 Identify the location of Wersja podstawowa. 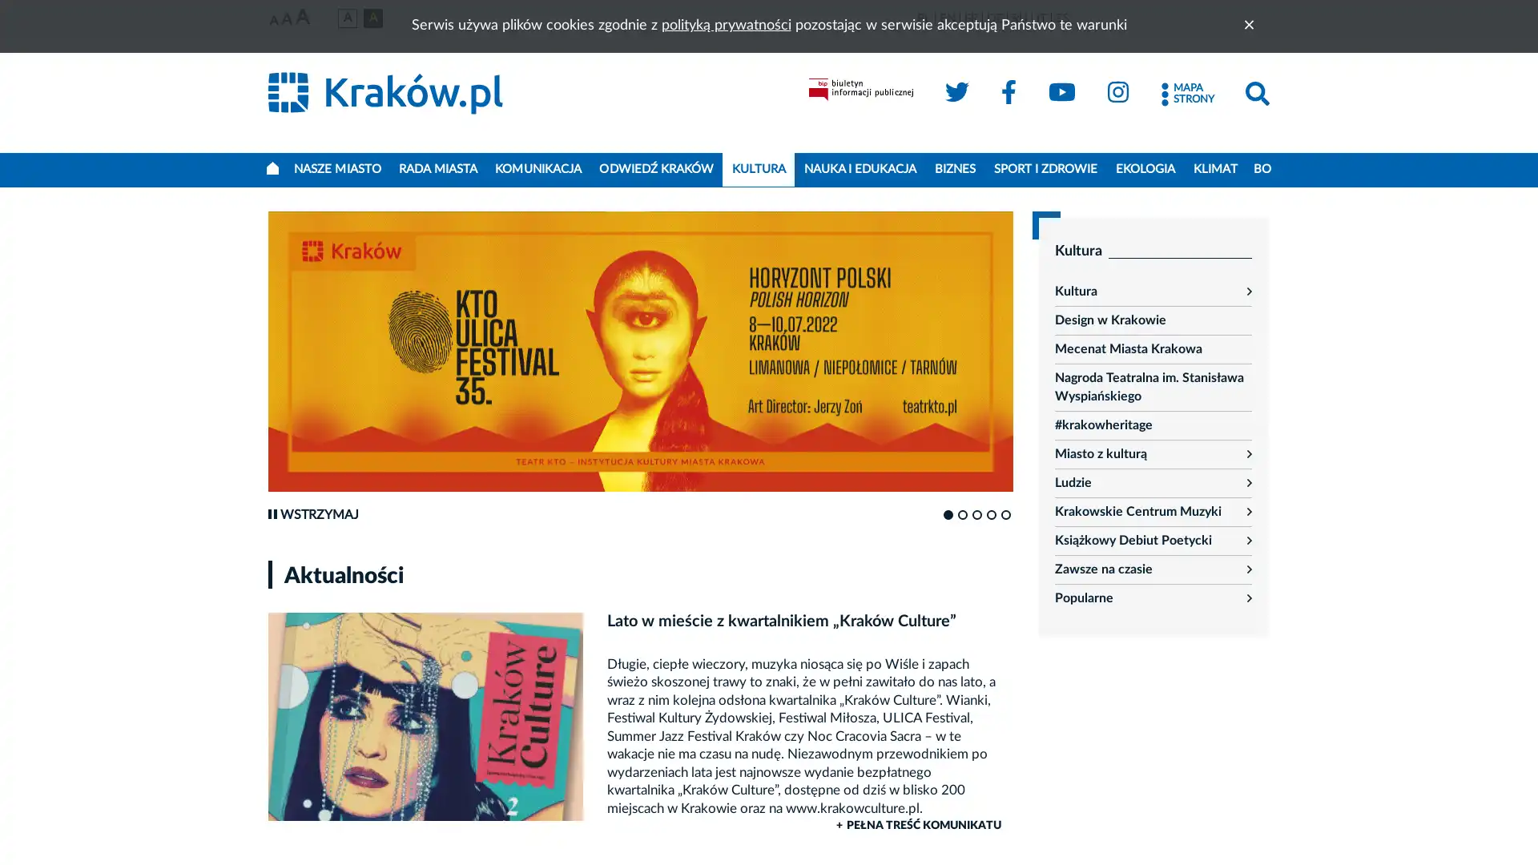
(346, 18).